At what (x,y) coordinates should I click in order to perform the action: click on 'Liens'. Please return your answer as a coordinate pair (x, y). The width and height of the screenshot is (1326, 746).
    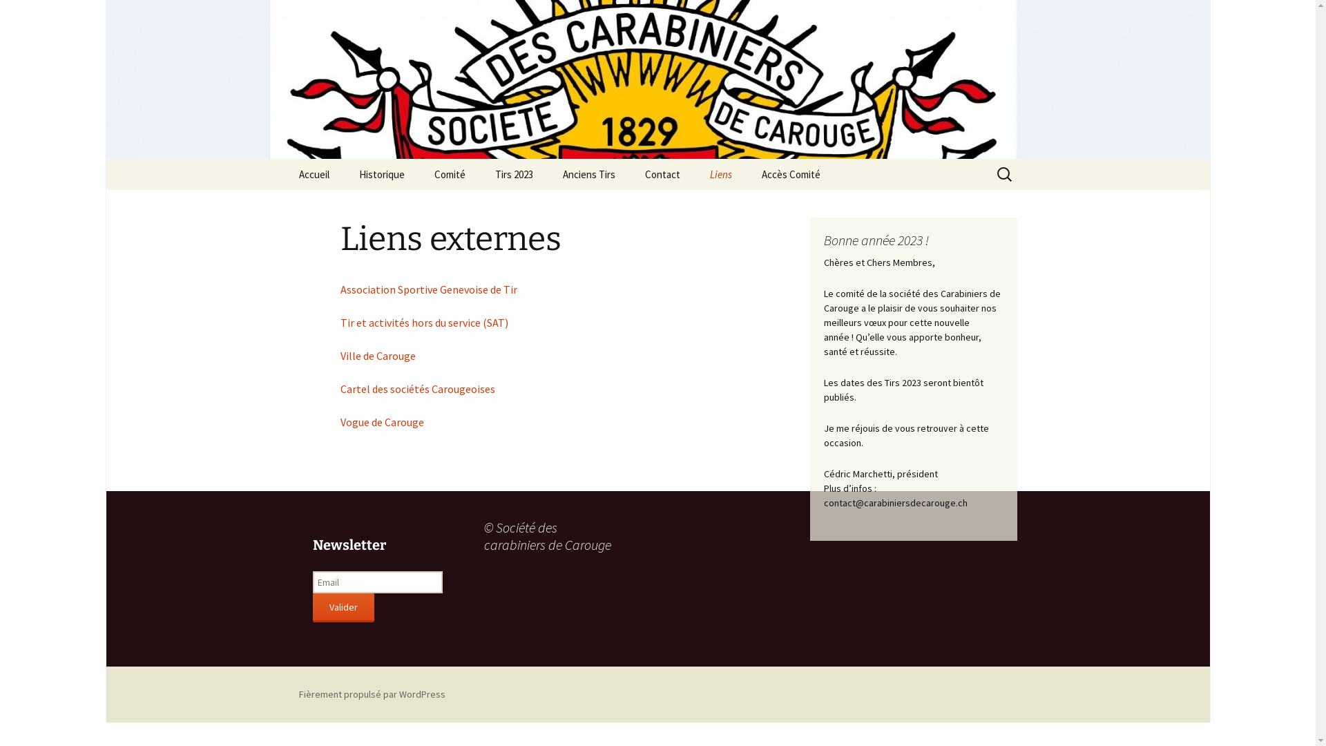
    Looking at the image, I should click on (720, 173).